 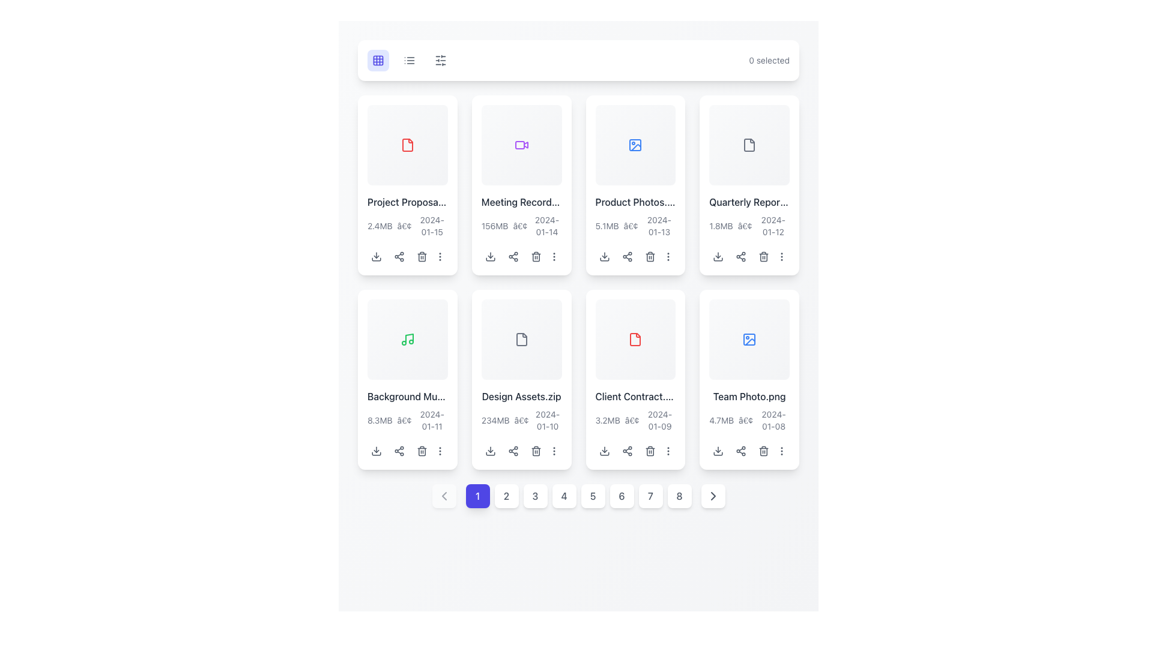 What do you see at coordinates (535, 257) in the screenshot?
I see `the Trash Can Body icon, which is a rectangular component styled as part of an SVG trash can icon located beneath the second item in the top row of the grid layout` at bounding box center [535, 257].